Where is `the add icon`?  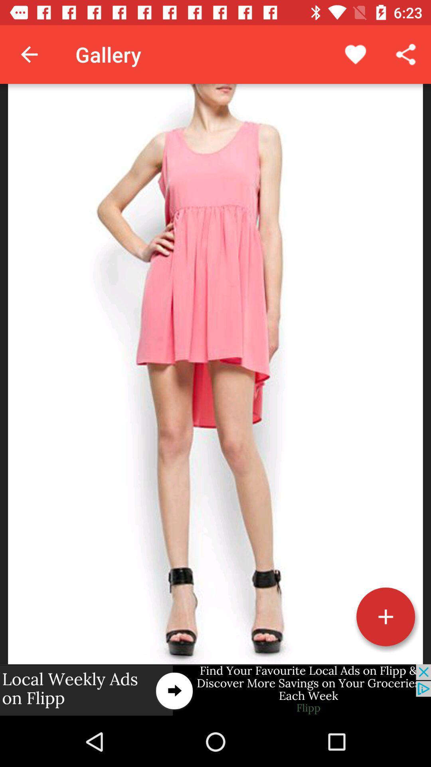
the add icon is located at coordinates (385, 616).